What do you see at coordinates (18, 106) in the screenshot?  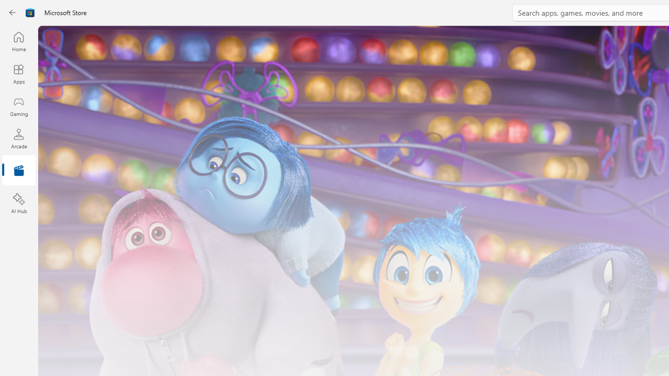 I see `'Gaming'` at bounding box center [18, 106].